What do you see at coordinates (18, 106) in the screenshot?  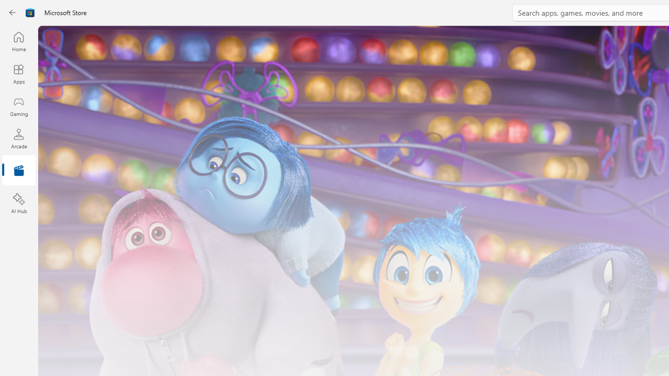 I see `'Gaming'` at bounding box center [18, 106].